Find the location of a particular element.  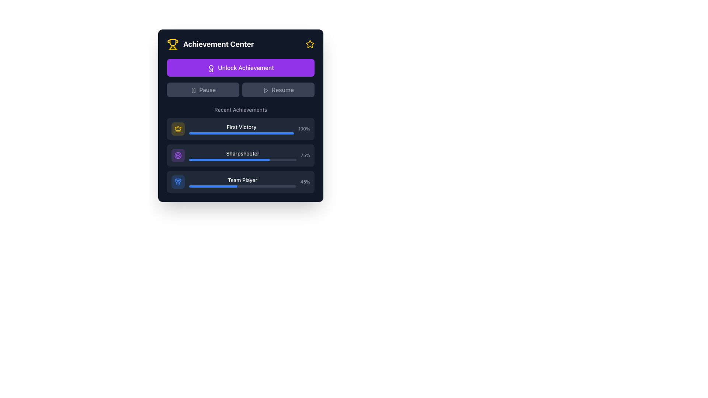

the purple circular graphical component, which is the middle circle in a set of three concentric circles within the 'Achievement Center' interface, located near the star-shaped icon is located at coordinates (178, 155).